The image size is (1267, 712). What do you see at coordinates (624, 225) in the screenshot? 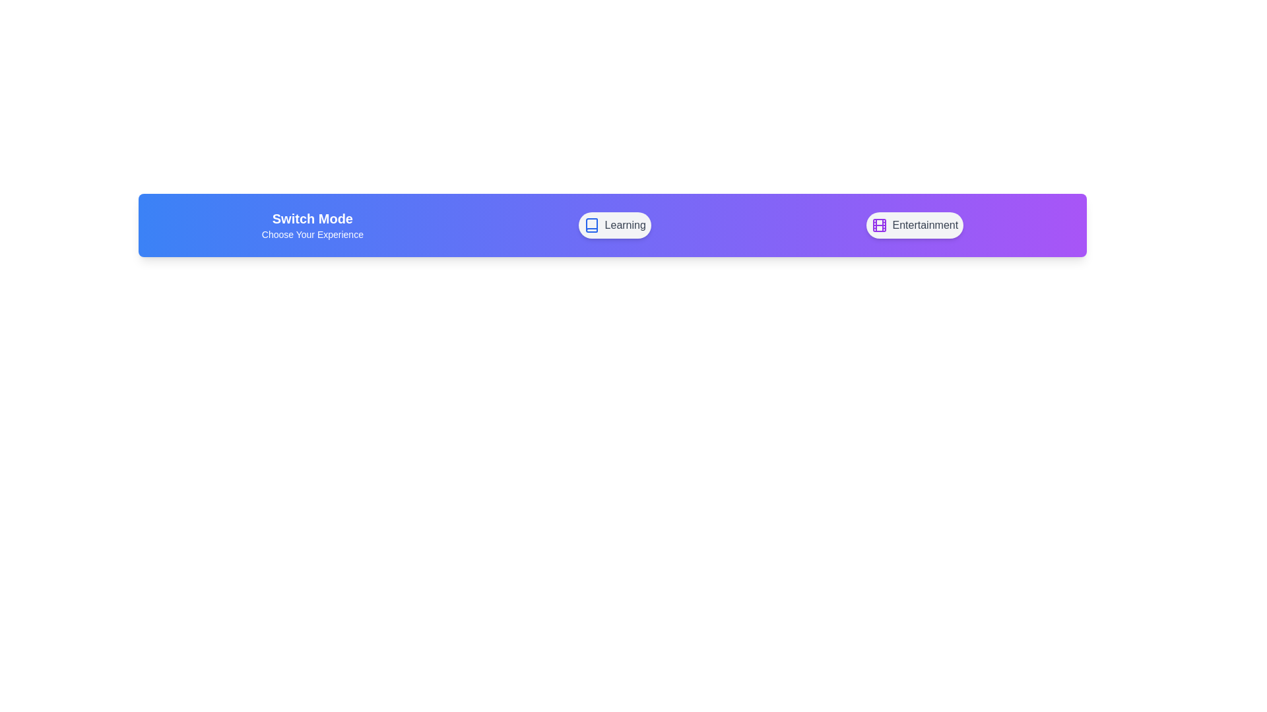
I see `text content of the label 'Learning', which is styled in gray and located in a navigation bar next to a blue book icon` at bounding box center [624, 225].